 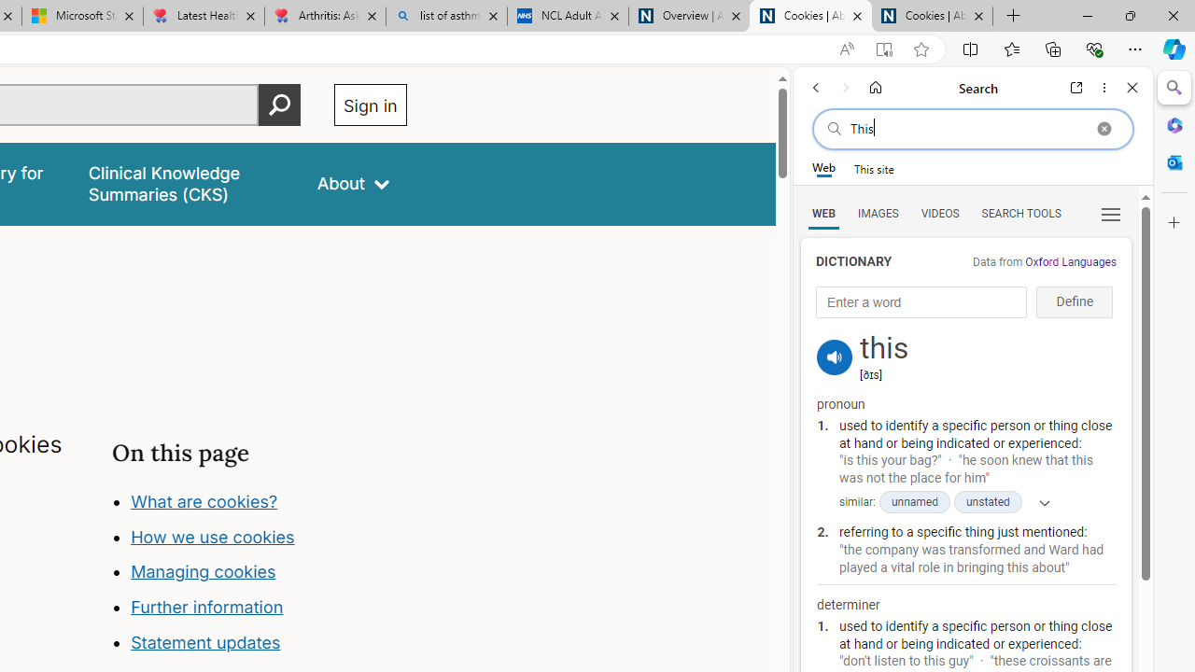 What do you see at coordinates (914, 501) in the screenshot?
I see `'unnamed'` at bounding box center [914, 501].